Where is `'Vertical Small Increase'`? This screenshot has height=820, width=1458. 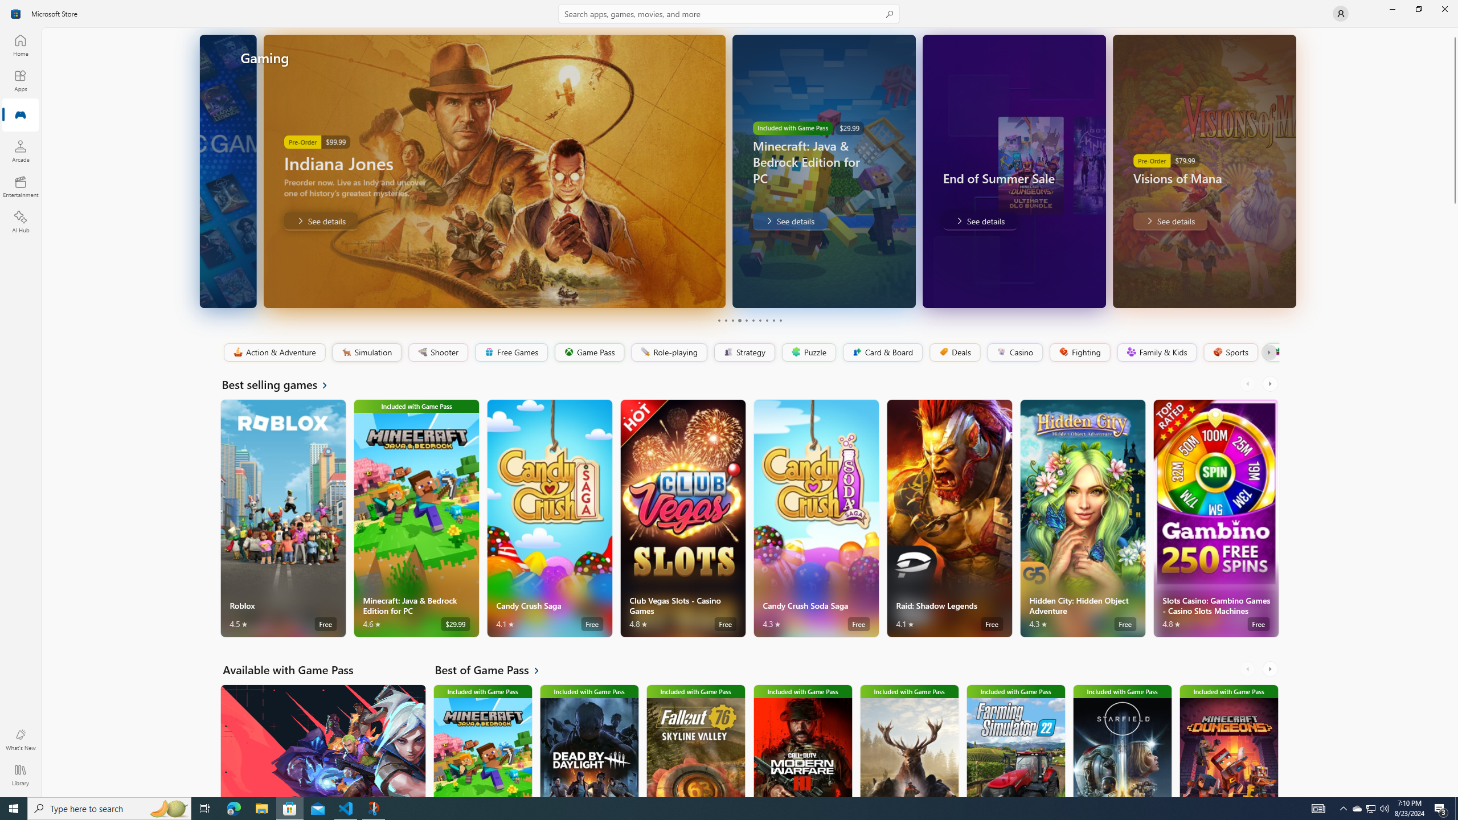 'Vertical Small Increase' is located at coordinates (1453, 793).